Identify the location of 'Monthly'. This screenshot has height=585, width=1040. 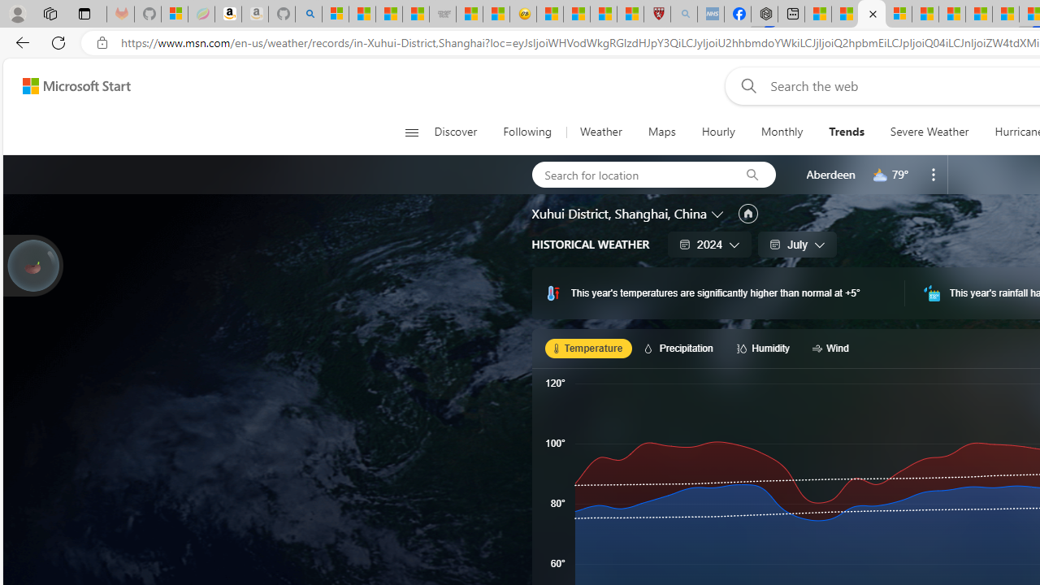
(782, 132).